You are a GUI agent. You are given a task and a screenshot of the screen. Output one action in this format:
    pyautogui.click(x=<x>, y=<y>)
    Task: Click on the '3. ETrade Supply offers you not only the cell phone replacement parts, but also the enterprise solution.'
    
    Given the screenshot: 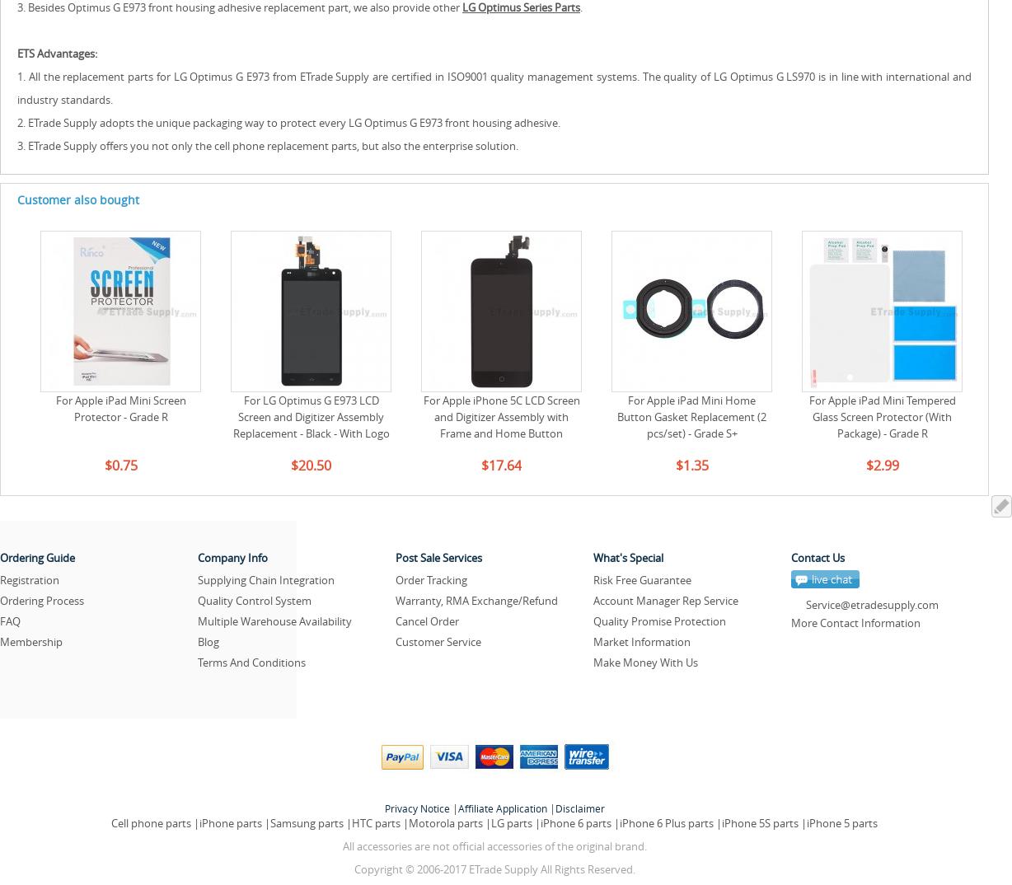 What is the action you would take?
    pyautogui.click(x=268, y=145)
    